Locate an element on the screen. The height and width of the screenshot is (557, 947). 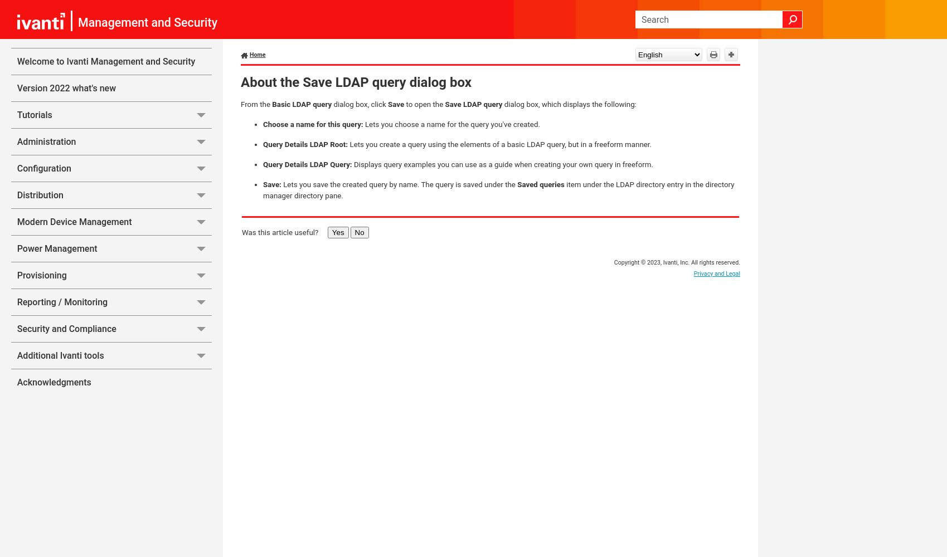
'Ivanti, Inc' is located at coordinates (675, 262).